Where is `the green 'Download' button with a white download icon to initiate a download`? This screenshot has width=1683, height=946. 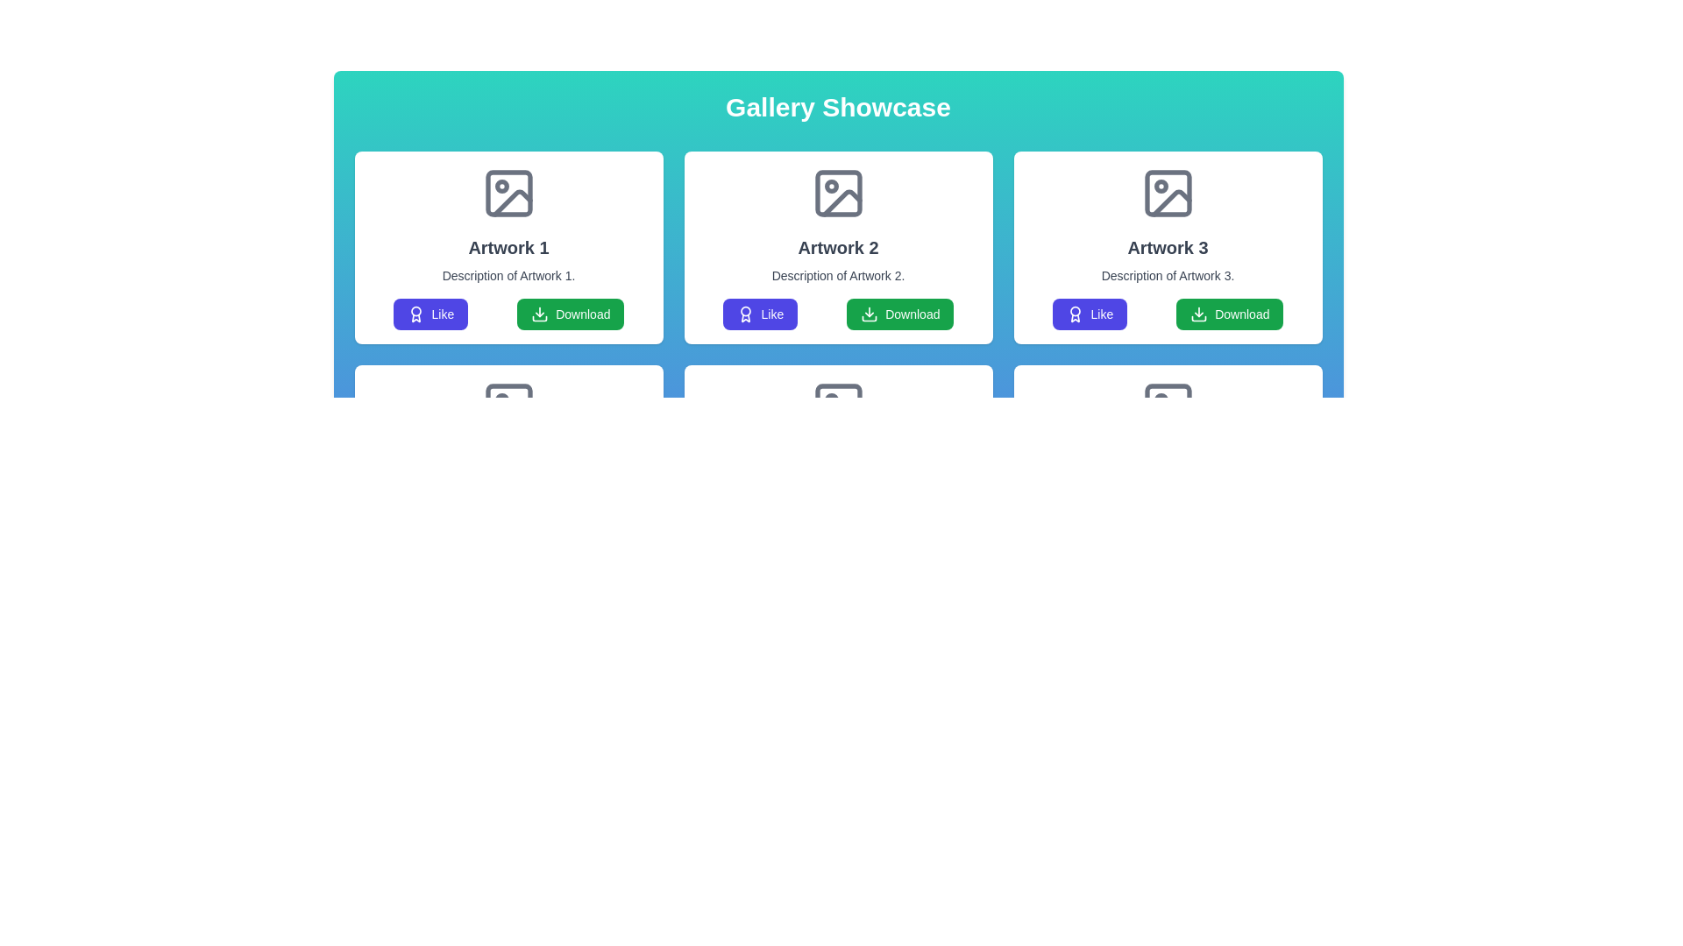 the green 'Download' button with a white download icon to initiate a download is located at coordinates (571, 313).